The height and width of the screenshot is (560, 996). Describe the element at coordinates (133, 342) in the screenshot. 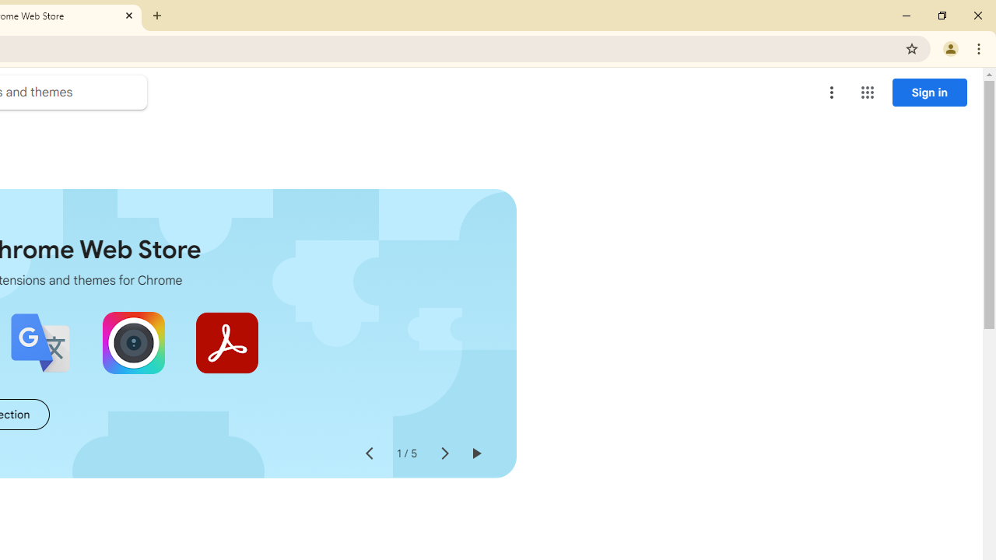

I see `'Awesome Screen Recorder & Screenshot'` at that location.